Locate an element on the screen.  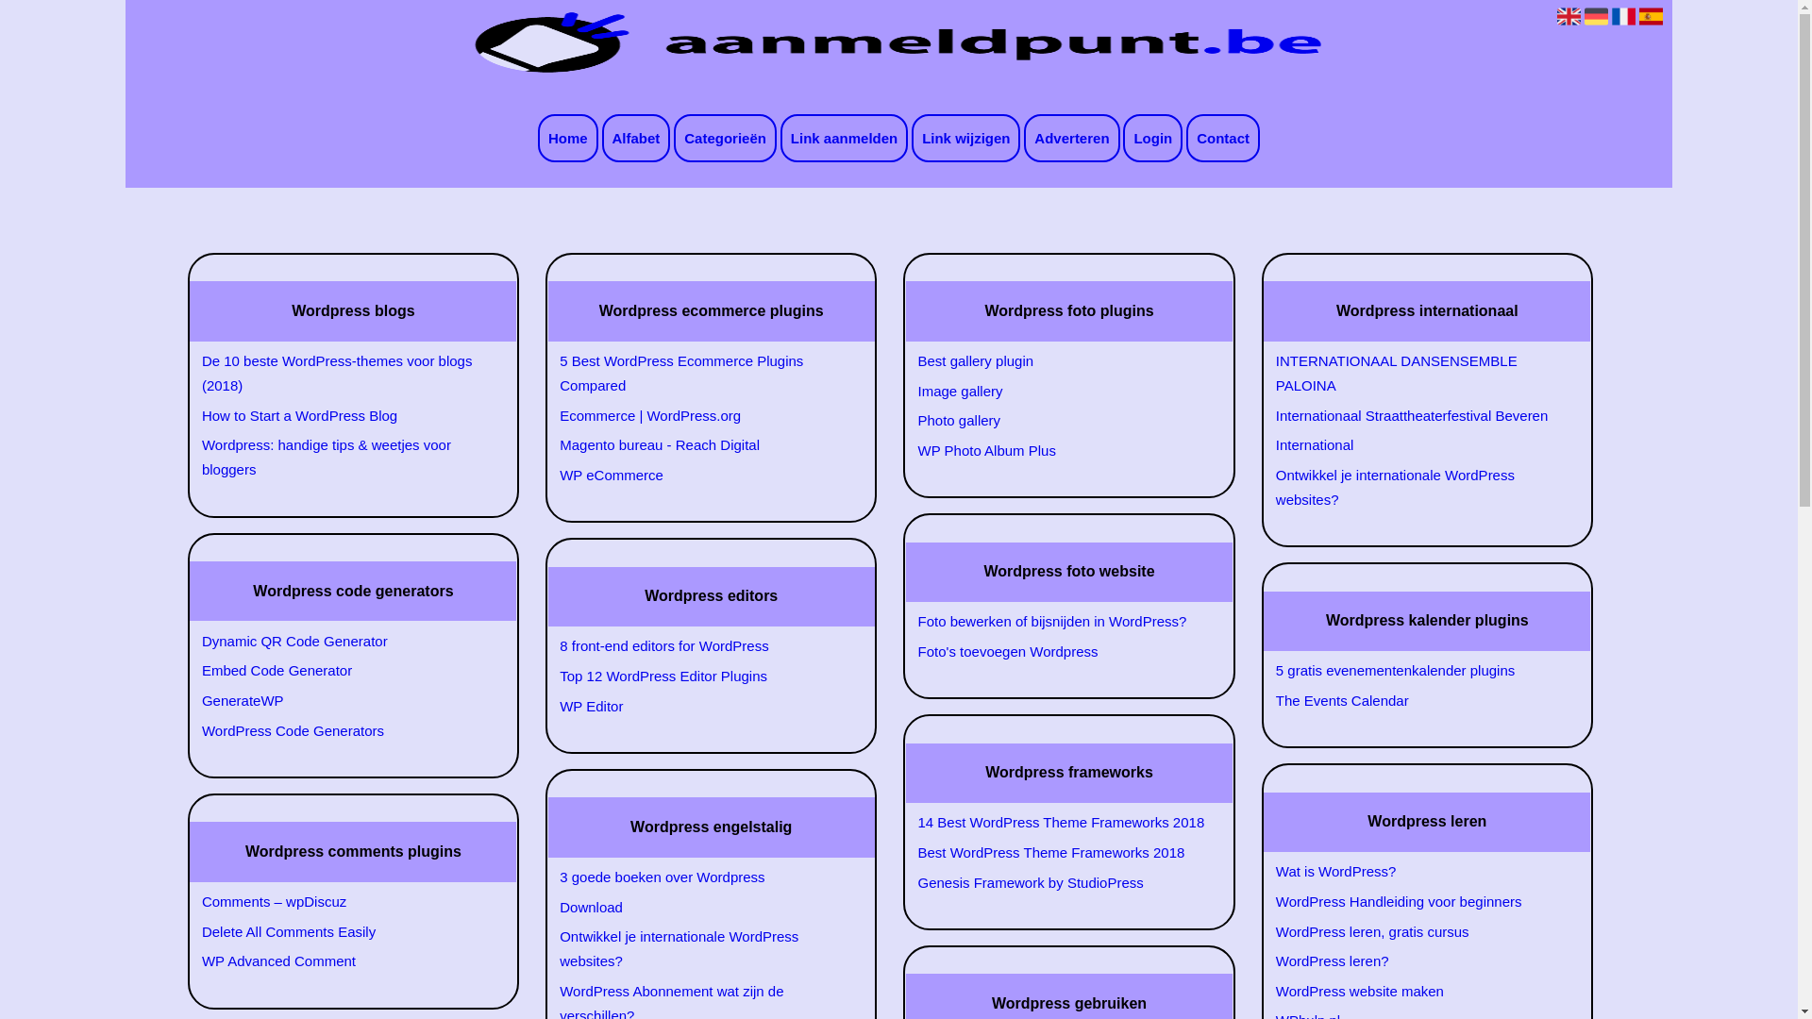
'WordPress leren, gratis cursus' is located at coordinates (1417, 930).